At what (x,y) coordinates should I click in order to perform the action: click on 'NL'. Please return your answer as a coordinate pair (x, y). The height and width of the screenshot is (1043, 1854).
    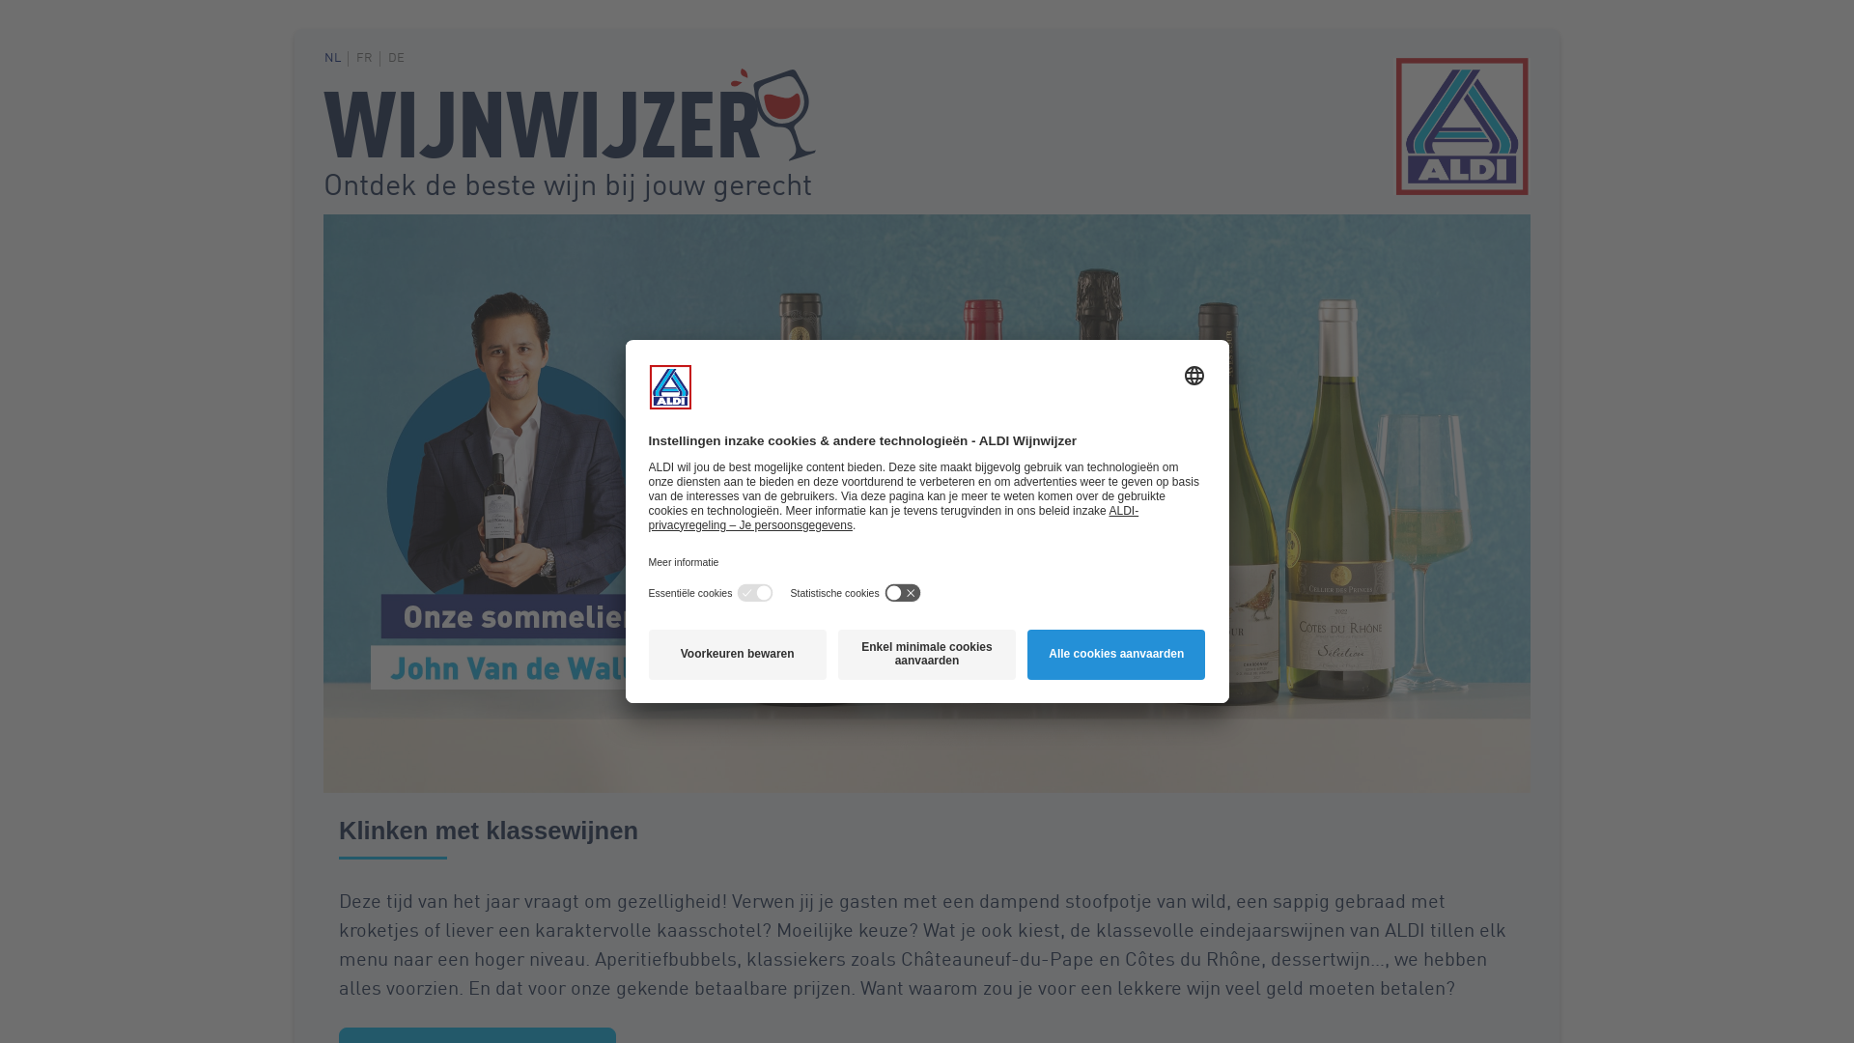
    Looking at the image, I should click on (336, 57).